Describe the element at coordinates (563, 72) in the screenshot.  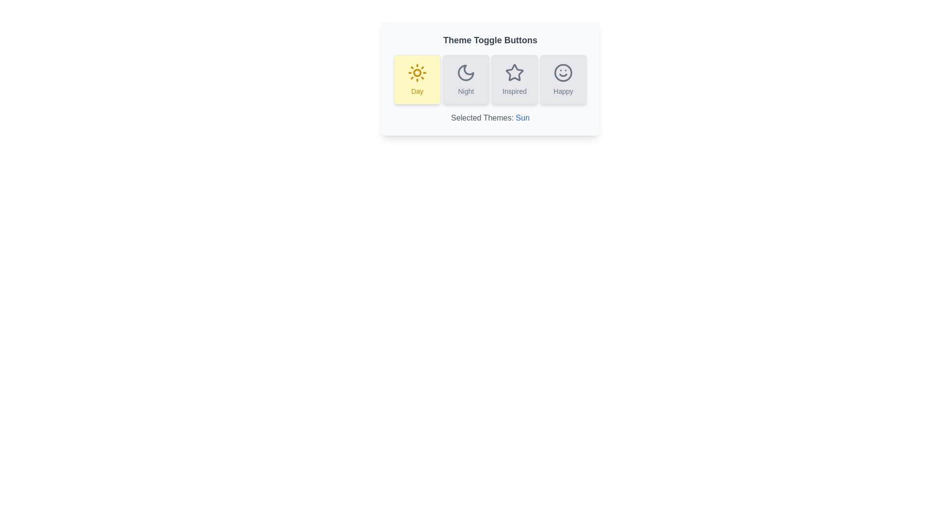
I see `the 'Happy' button, which features a circular smile icon with a gray outline and is the fourth button in the 'Theme Toggle Buttons' group` at that location.